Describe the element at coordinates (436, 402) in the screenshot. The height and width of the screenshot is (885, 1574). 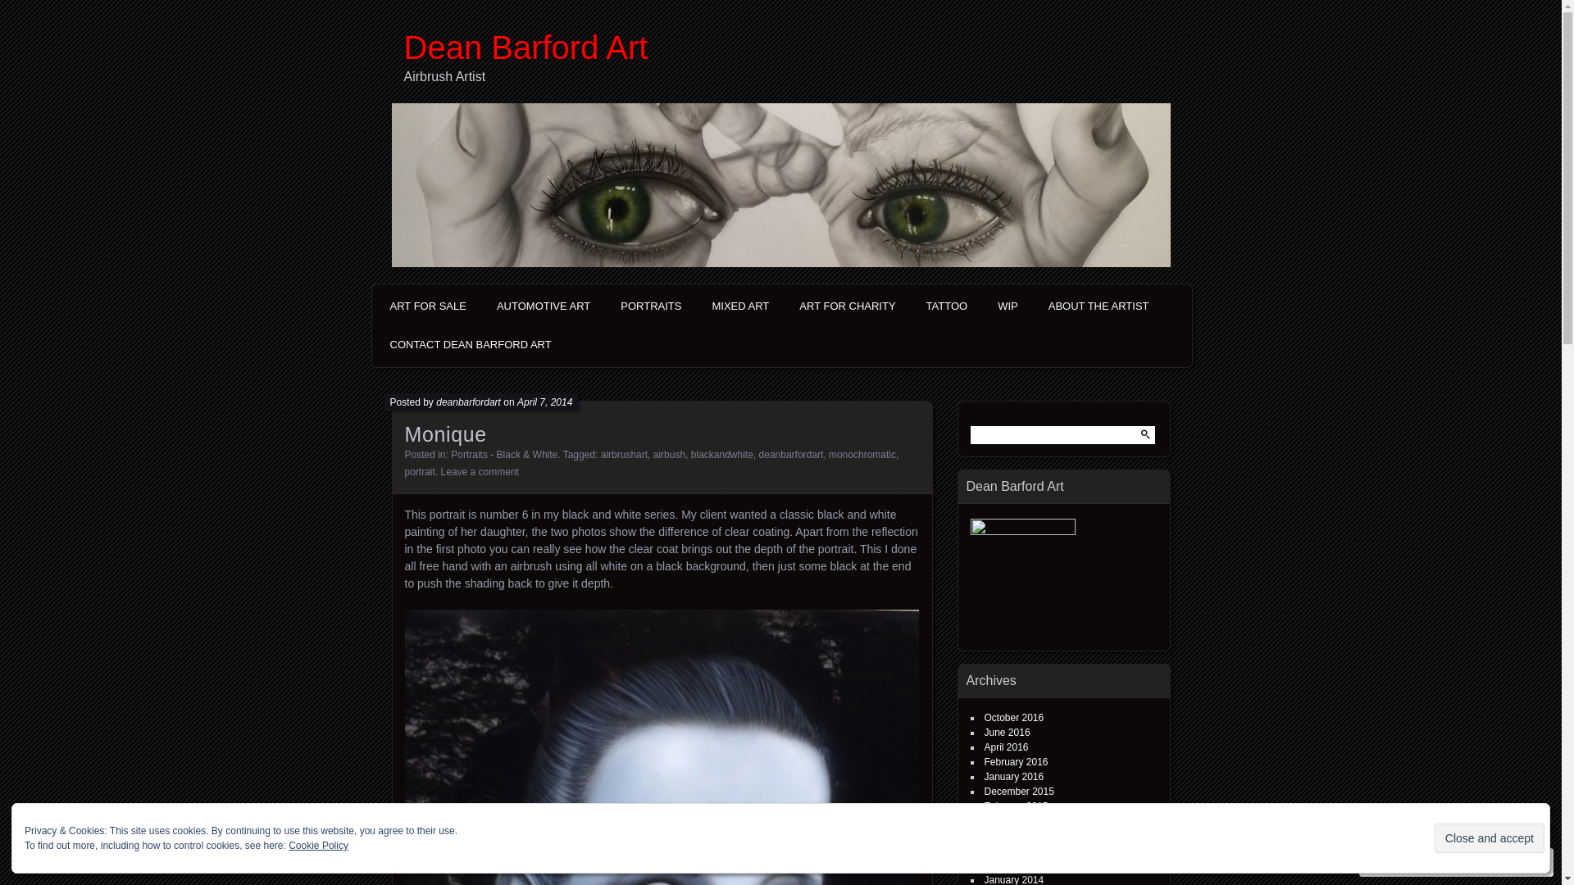
I see `'deanbarfordart'` at that location.